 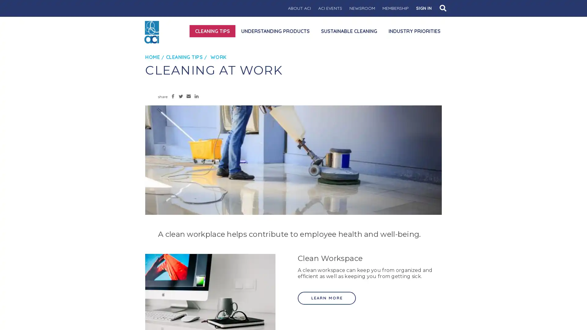 What do you see at coordinates (187, 96) in the screenshot?
I see `Share to Email` at bounding box center [187, 96].